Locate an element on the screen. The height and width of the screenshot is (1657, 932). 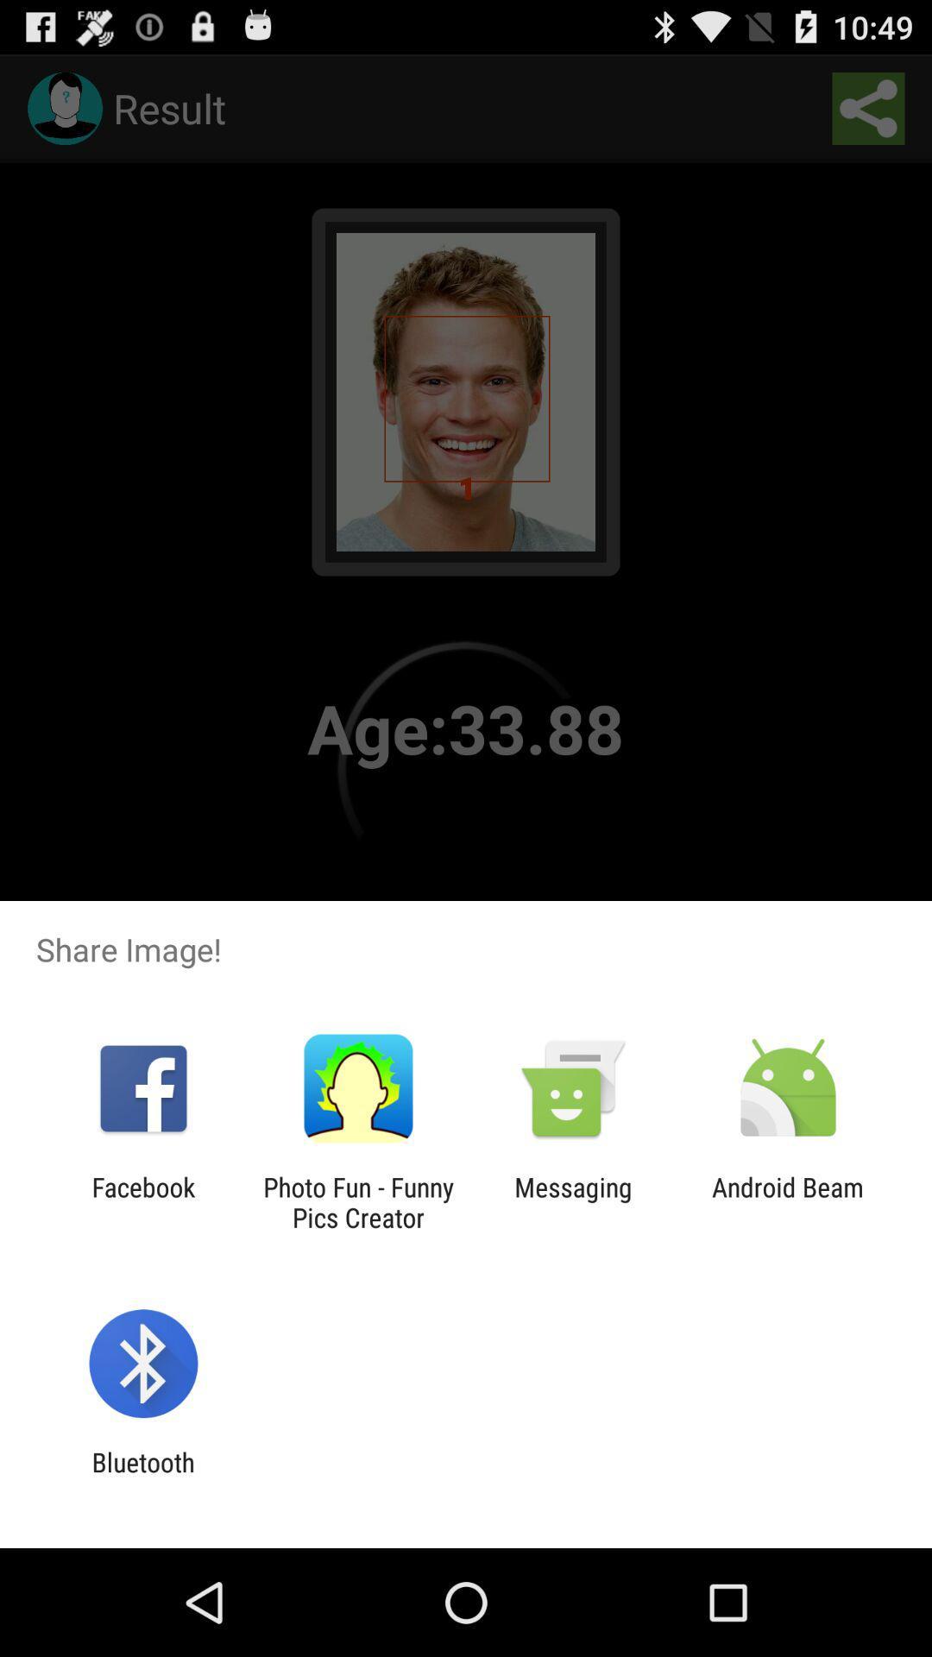
the icon to the left of photo fun funny is located at coordinates (142, 1201).